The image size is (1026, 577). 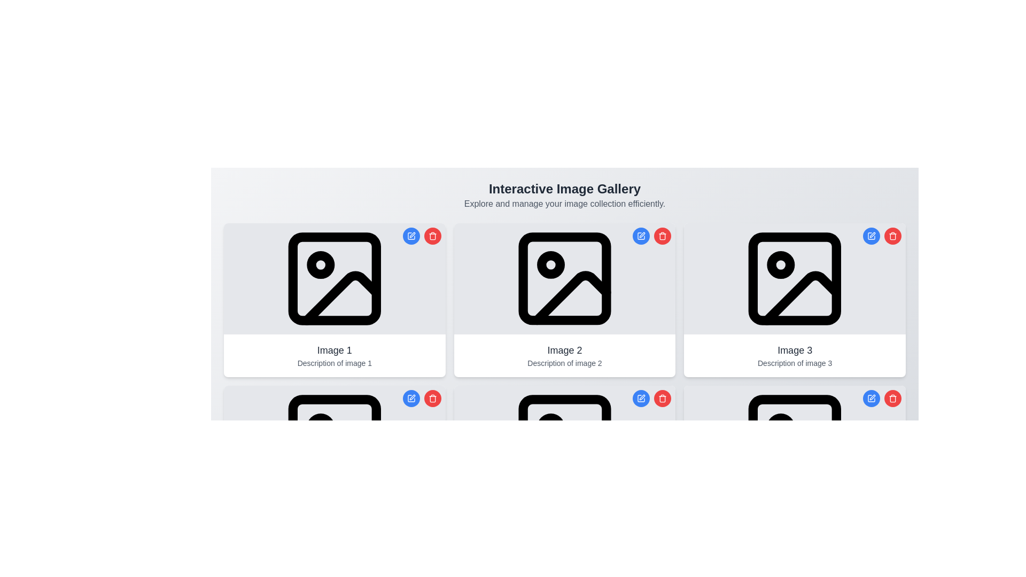 I want to click on the blue button located at the top-right corner of the first image card, so click(x=421, y=236).